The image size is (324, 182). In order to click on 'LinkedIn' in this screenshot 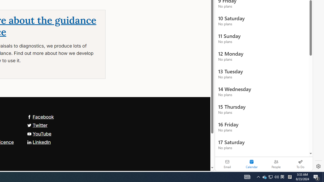, I will do `click(38, 142)`.